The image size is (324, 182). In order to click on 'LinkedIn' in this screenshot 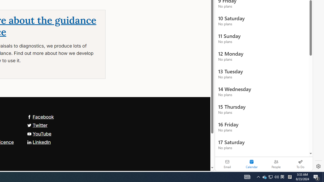, I will do `click(38, 142)`.